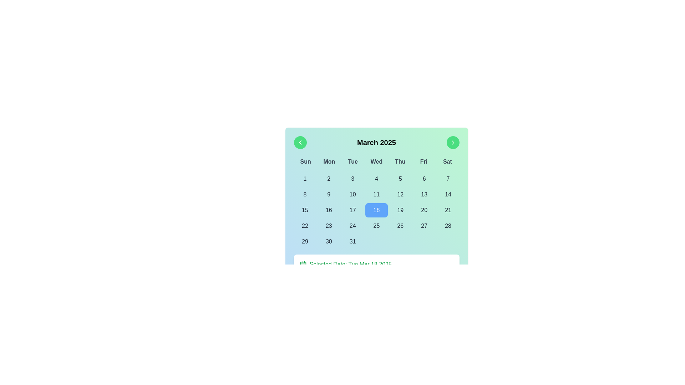 This screenshot has width=685, height=385. What do you see at coordinates (328, 226) in the screenshot?
I see `the button displaying the date '23' in the calendar grid layout` at bounding box center [328, 226].